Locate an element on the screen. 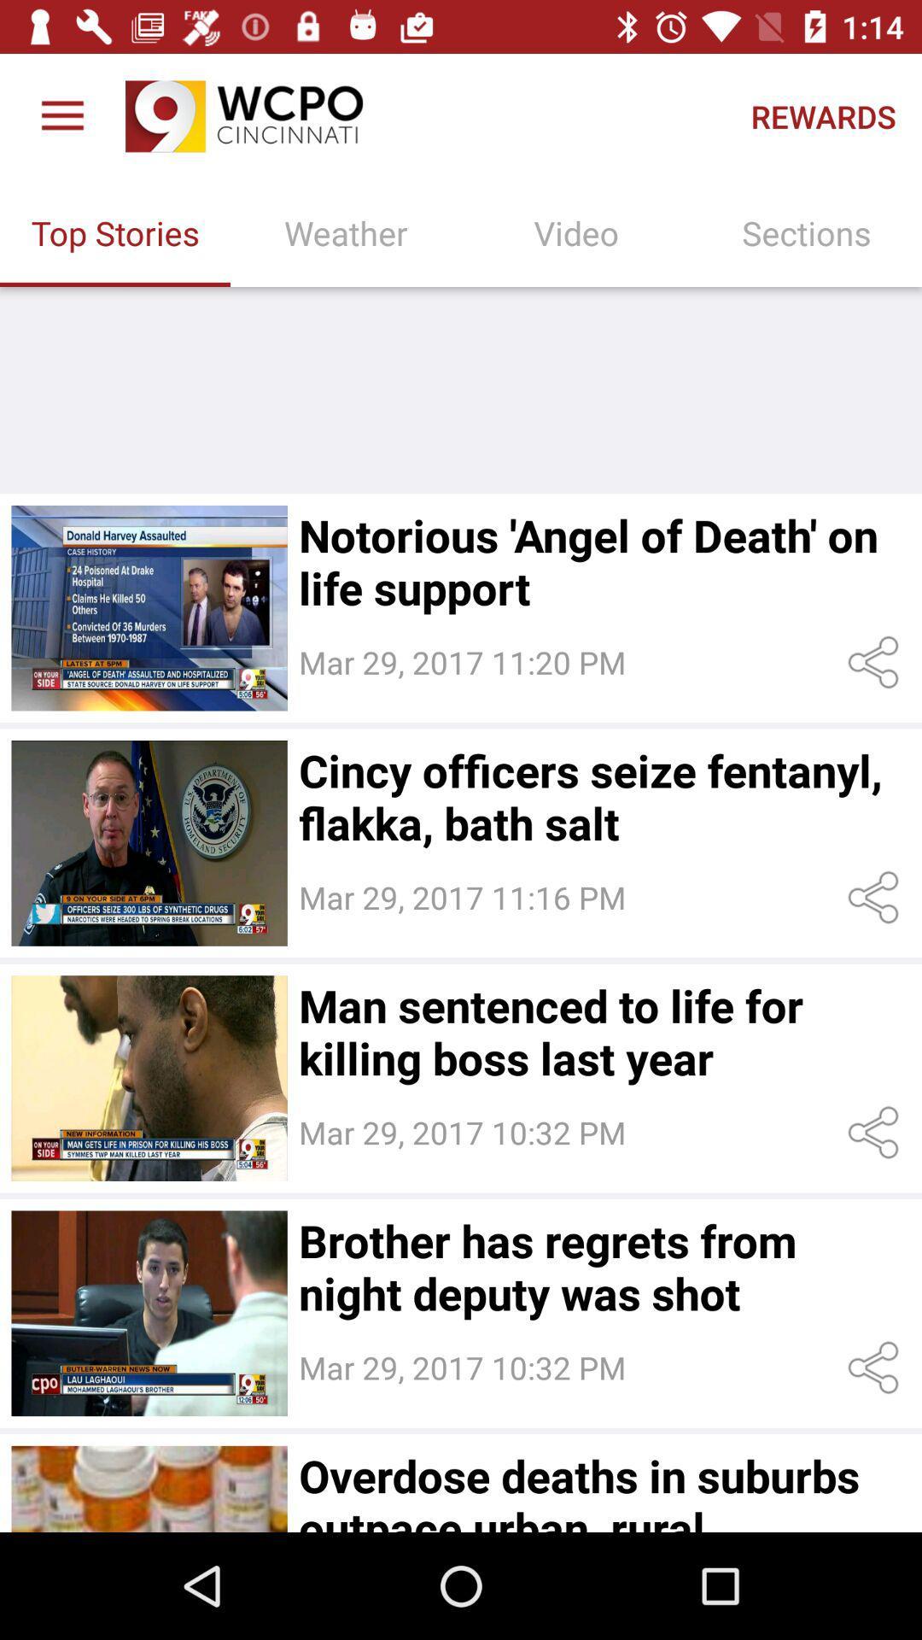  video is located at coordinates (149, 1312).